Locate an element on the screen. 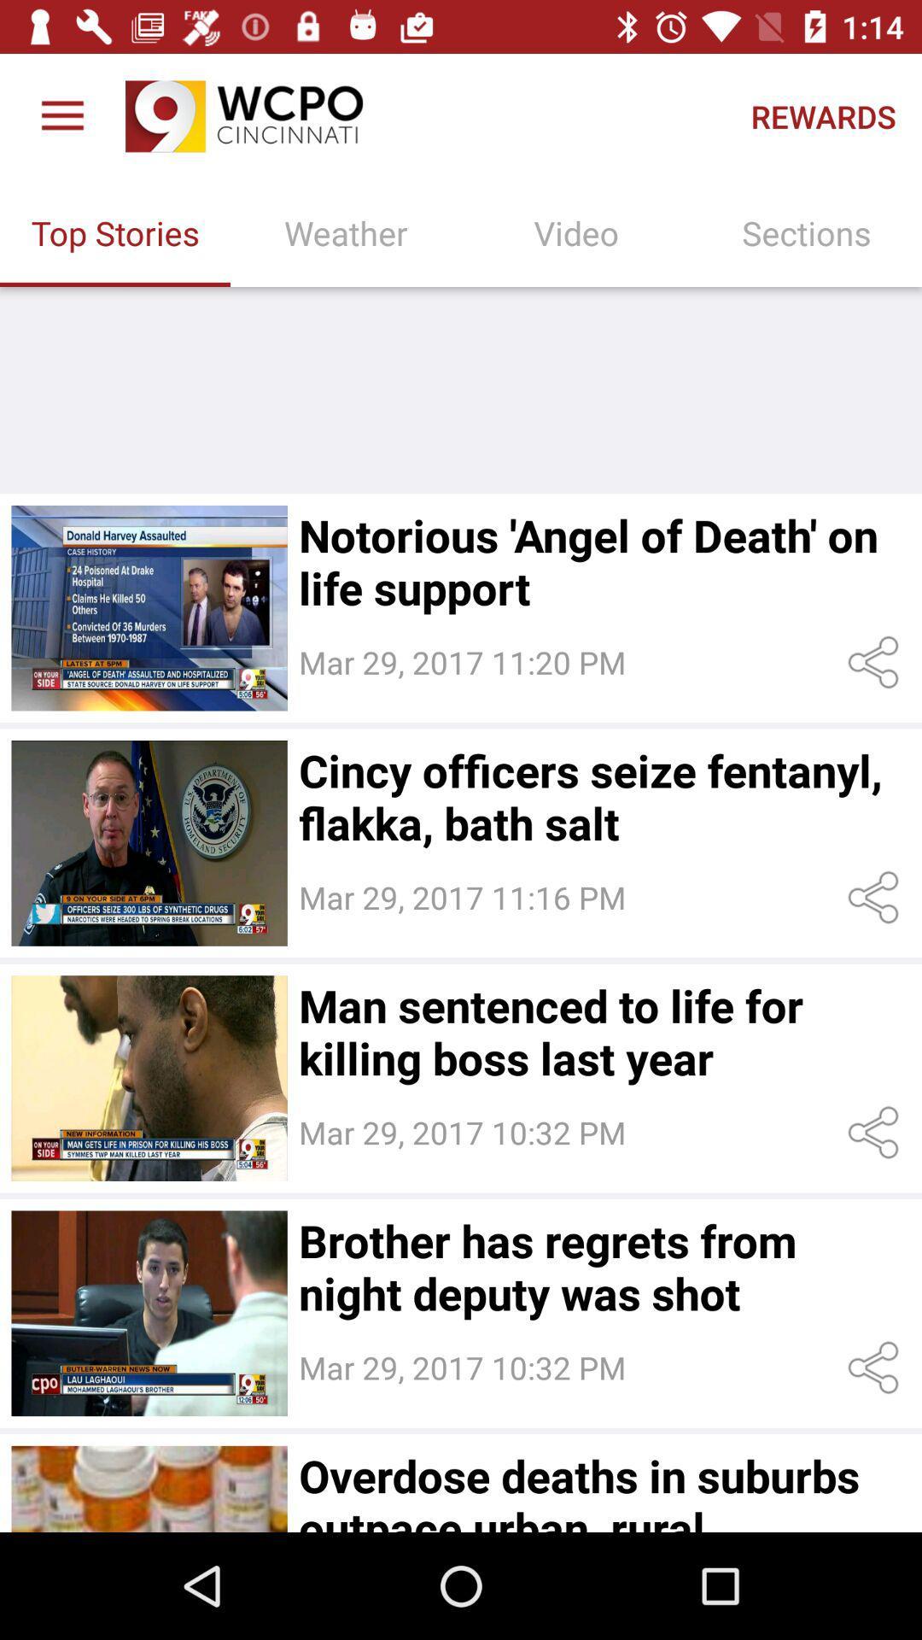  video is located at coordinates (149, 1312).